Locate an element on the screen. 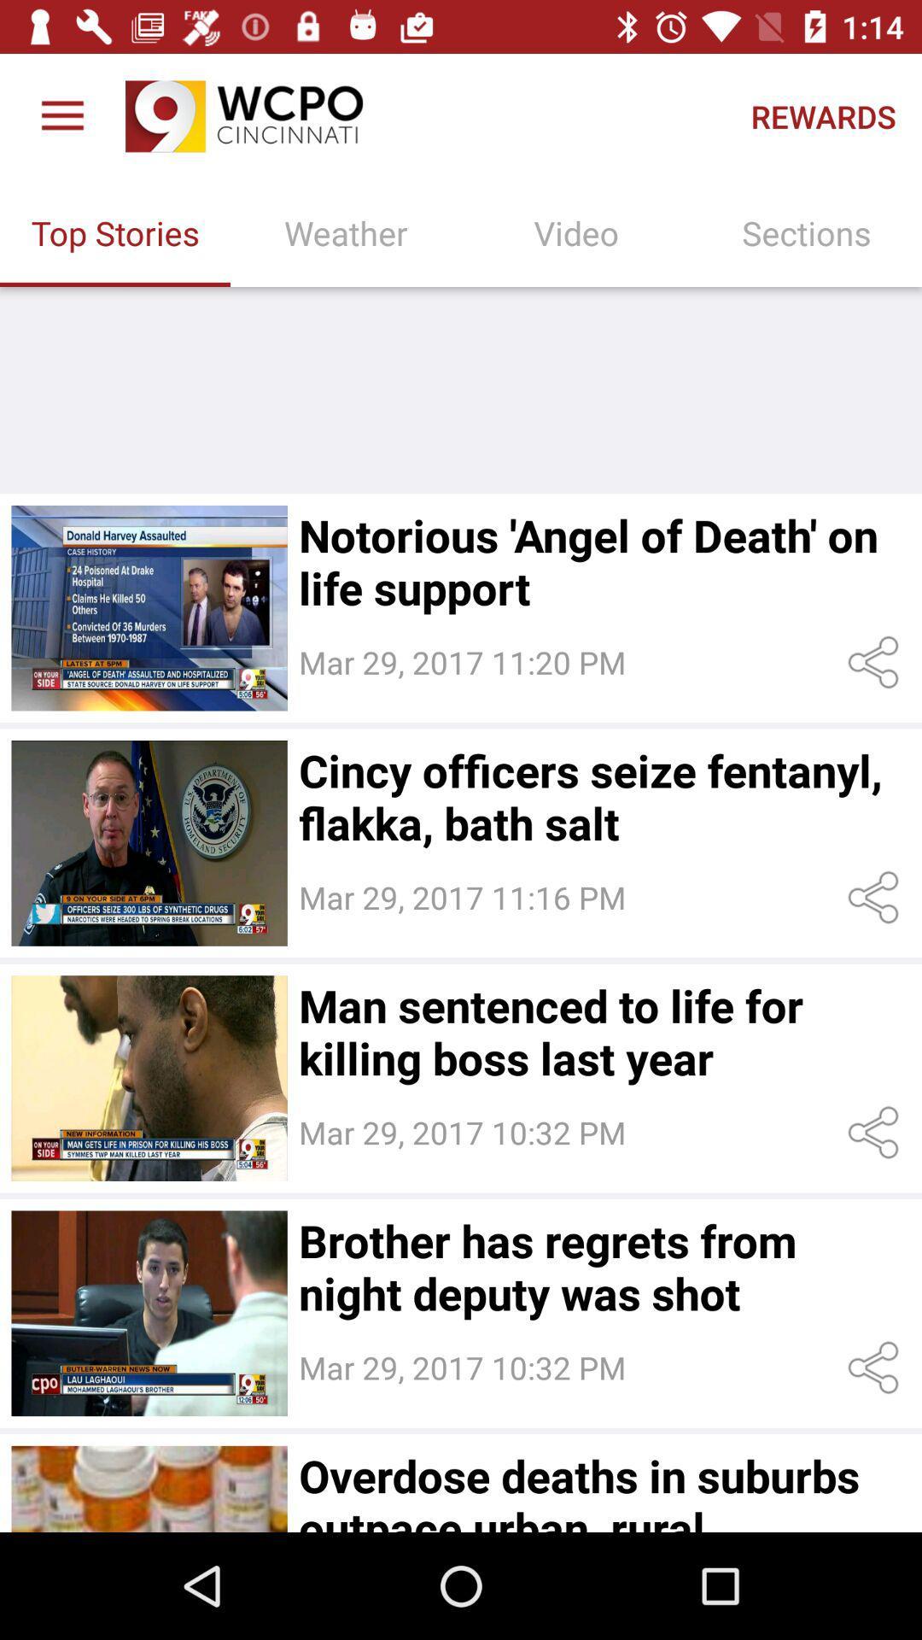  video is located at coordinates (149, 1312).